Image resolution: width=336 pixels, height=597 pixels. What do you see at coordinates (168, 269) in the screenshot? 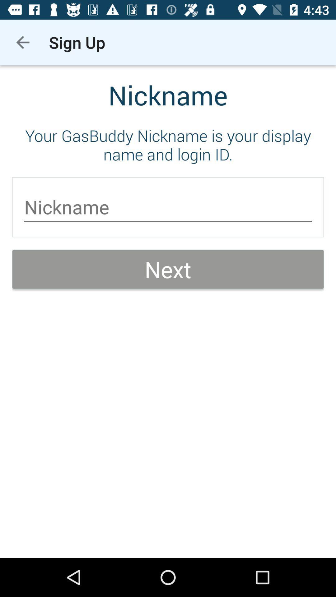
I see `next item` at bounding box center [168, 269].